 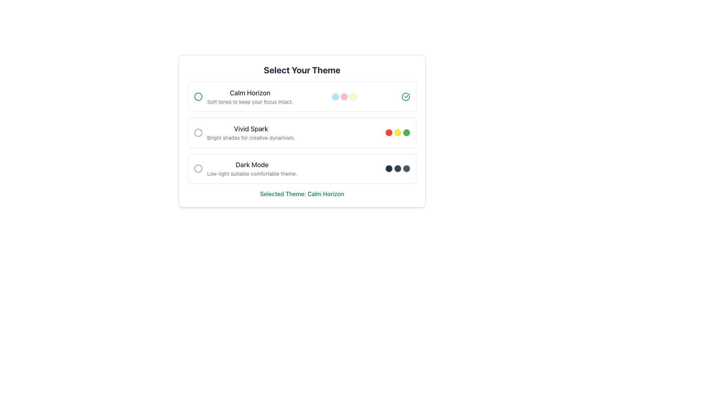 I want to click on the middle circular visual indicator in the theme selection interface, which has a dark color gradient and is positioned between two other circles, located to the right of the 'Dark Mode' option, so click(x=397, y=168).